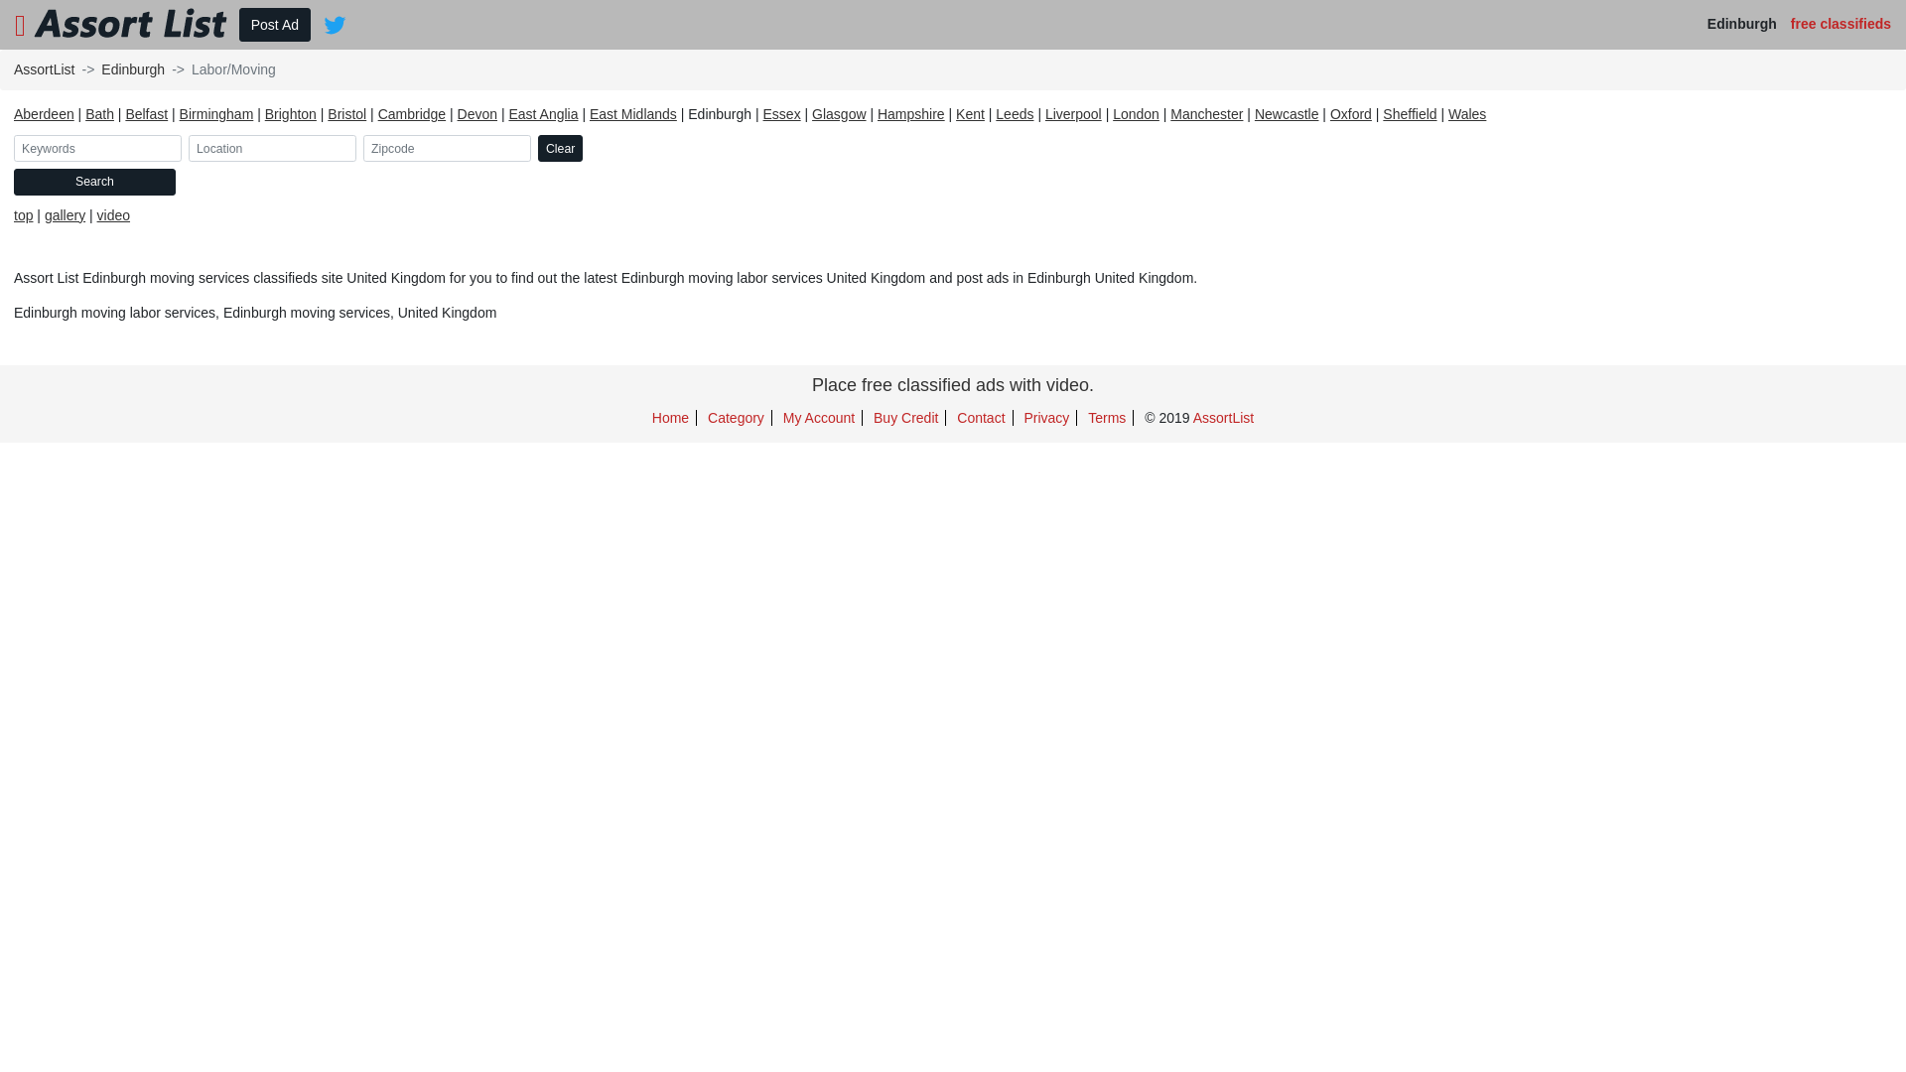 This screenshot has width=1906, height=1072. What do you see at coordinates (23, 214) in the screenshot?
I see `'top'` at bounding box center [23, 214].